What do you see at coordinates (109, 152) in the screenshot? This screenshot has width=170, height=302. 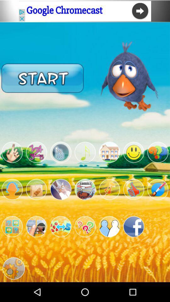 I see `the house song` at bounding box center [109, 152].